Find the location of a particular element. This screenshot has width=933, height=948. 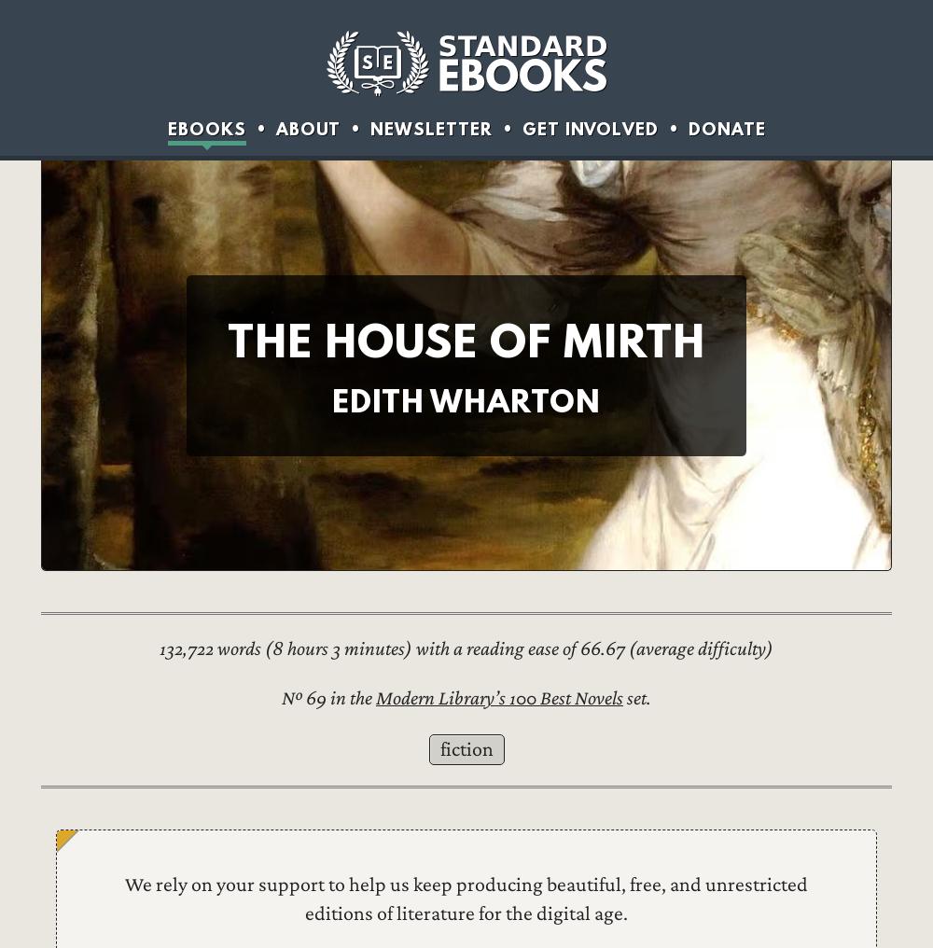

'Edith Wharton' is located at coordinates (466, 398).